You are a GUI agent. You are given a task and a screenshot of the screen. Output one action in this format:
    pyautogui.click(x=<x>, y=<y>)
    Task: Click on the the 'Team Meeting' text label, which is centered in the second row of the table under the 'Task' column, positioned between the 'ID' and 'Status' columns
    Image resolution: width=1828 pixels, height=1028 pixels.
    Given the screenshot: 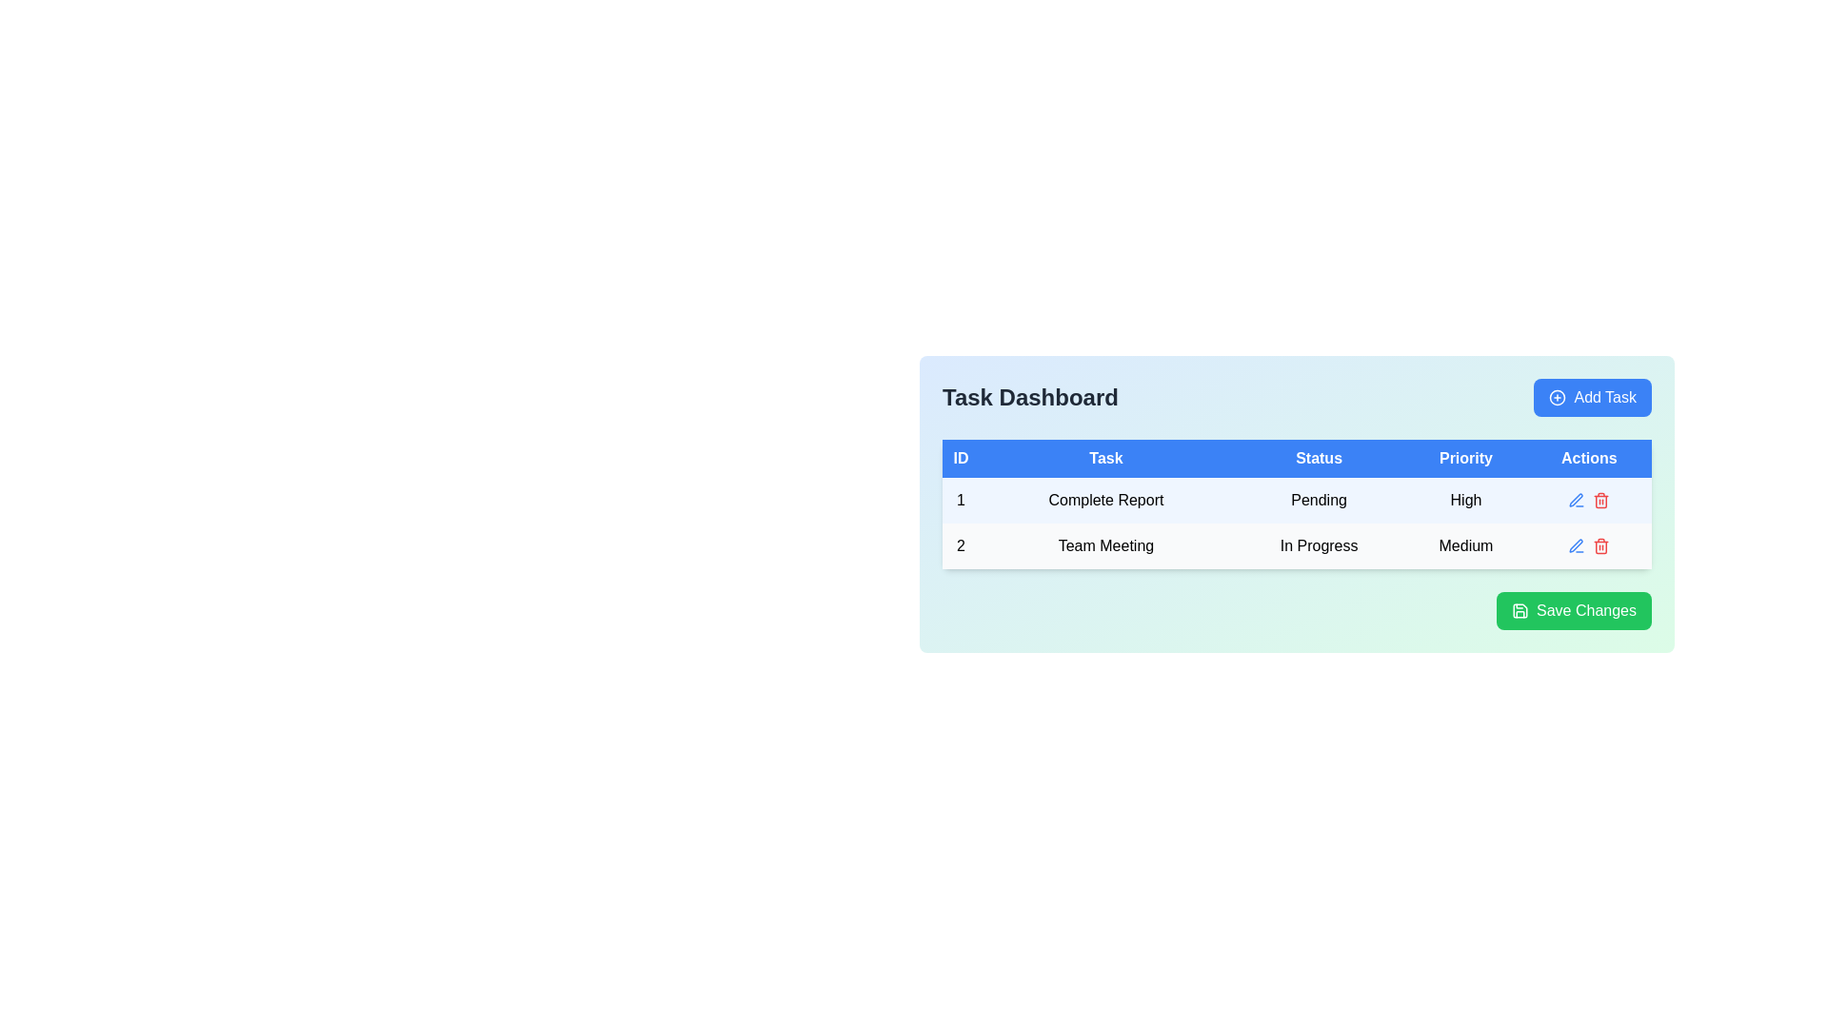 What is the action you would take?
    pyautogui.click(x=1105, y=546)
    